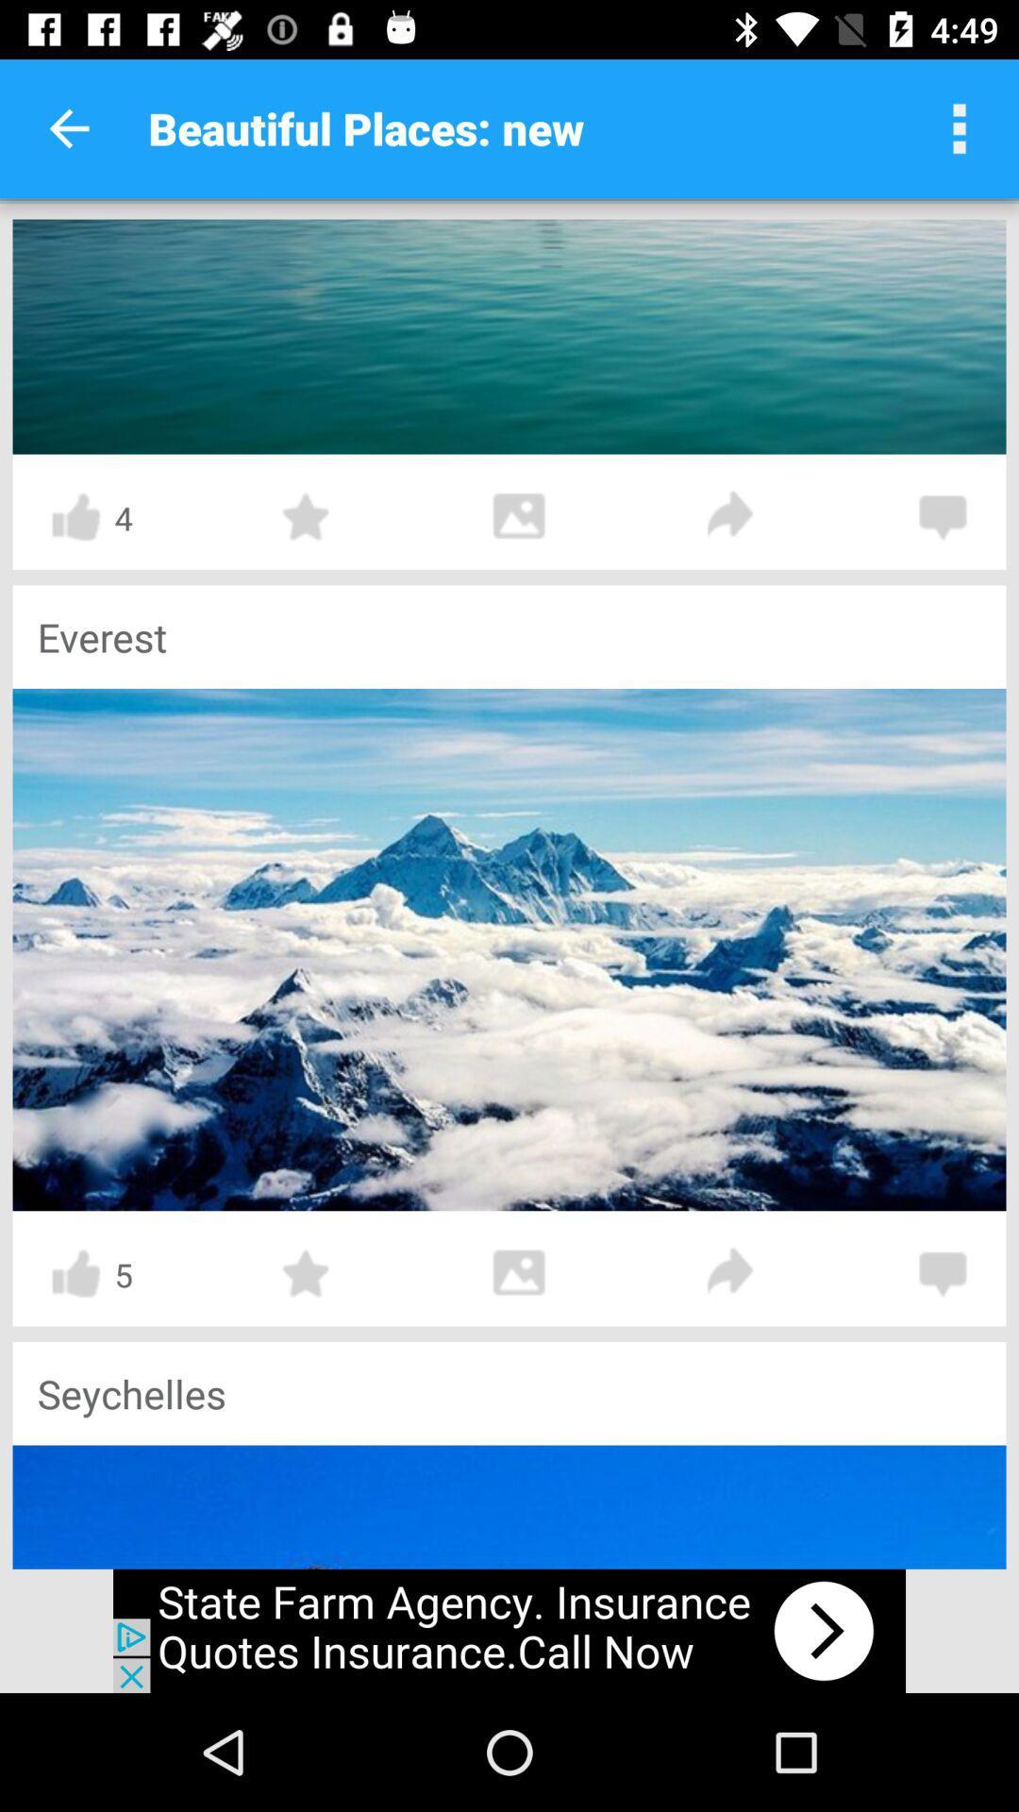  What do you see at coordinates (943, 517) in the screenshot?
I see `chat` at bounding box center [943, 517].